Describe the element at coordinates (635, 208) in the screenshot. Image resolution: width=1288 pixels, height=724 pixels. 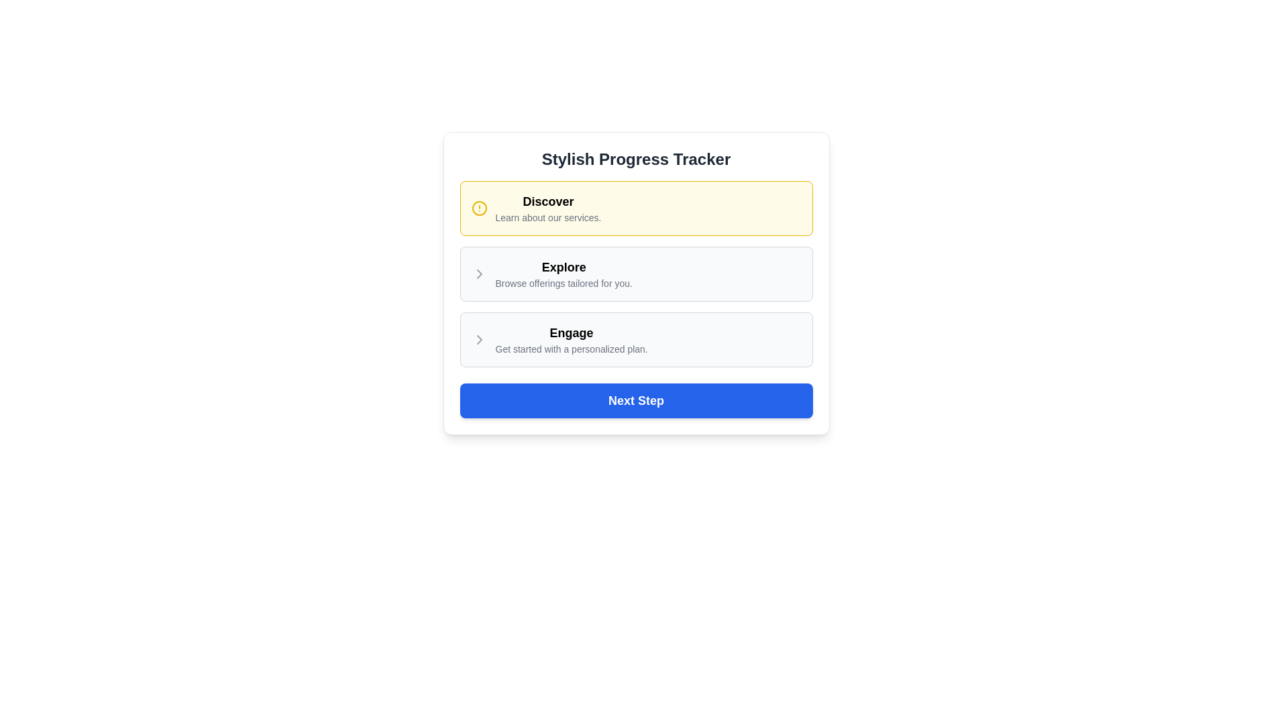
I see `the first Informational card located at the top of the vertically aligned list, just above the 'Explore' section` at that location.